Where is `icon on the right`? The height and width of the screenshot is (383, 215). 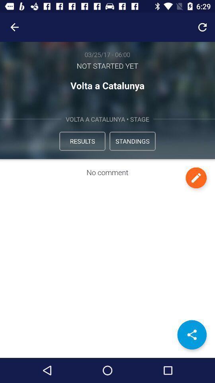
icon on the right is located at coordinates (195, 178).